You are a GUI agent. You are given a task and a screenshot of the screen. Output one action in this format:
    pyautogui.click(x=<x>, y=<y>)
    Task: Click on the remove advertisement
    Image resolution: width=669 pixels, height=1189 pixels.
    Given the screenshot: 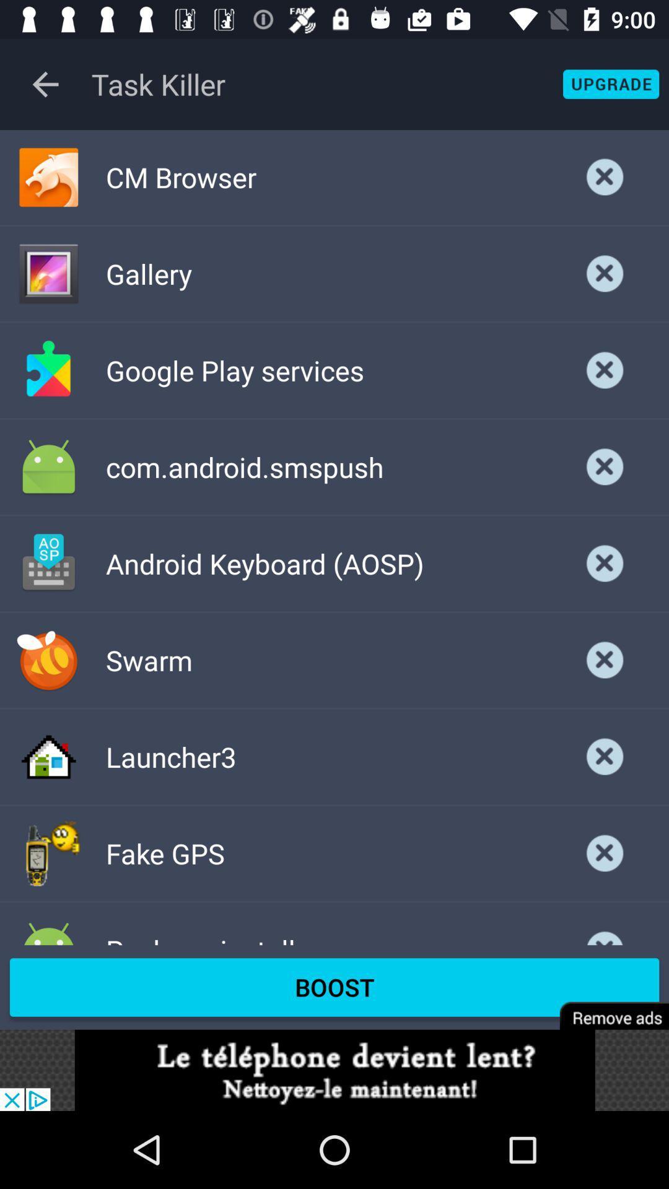 What is the action you would take?
    pyautogui.click(x=605, y=1008)
    